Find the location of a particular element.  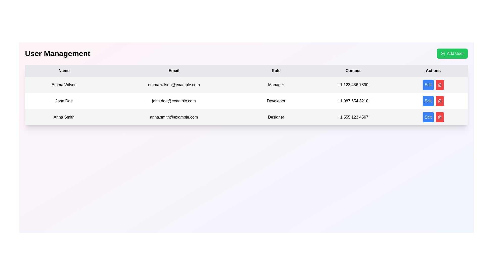

the text label element displaying 'John Doe' in the second row of the table under the 'Name' column is located at coordinates (64, 101).